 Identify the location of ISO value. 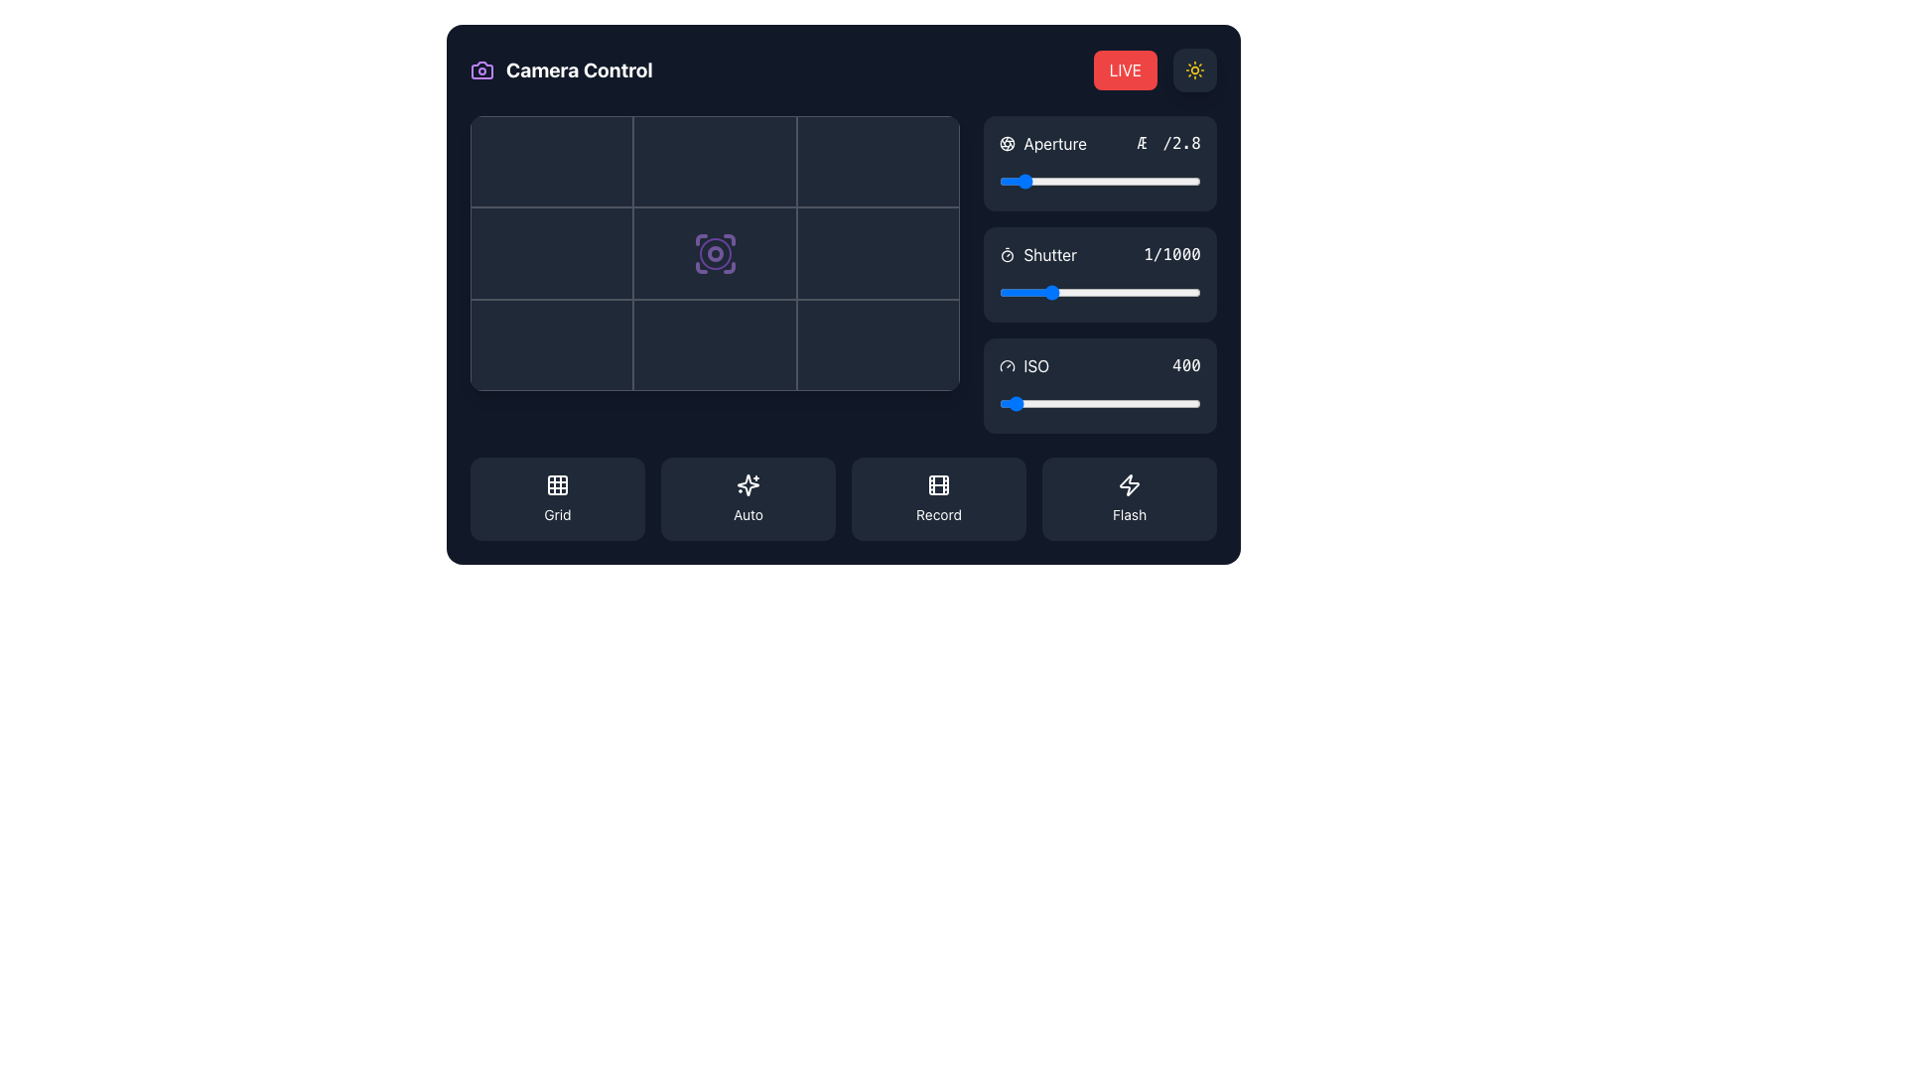
(1002, 403).